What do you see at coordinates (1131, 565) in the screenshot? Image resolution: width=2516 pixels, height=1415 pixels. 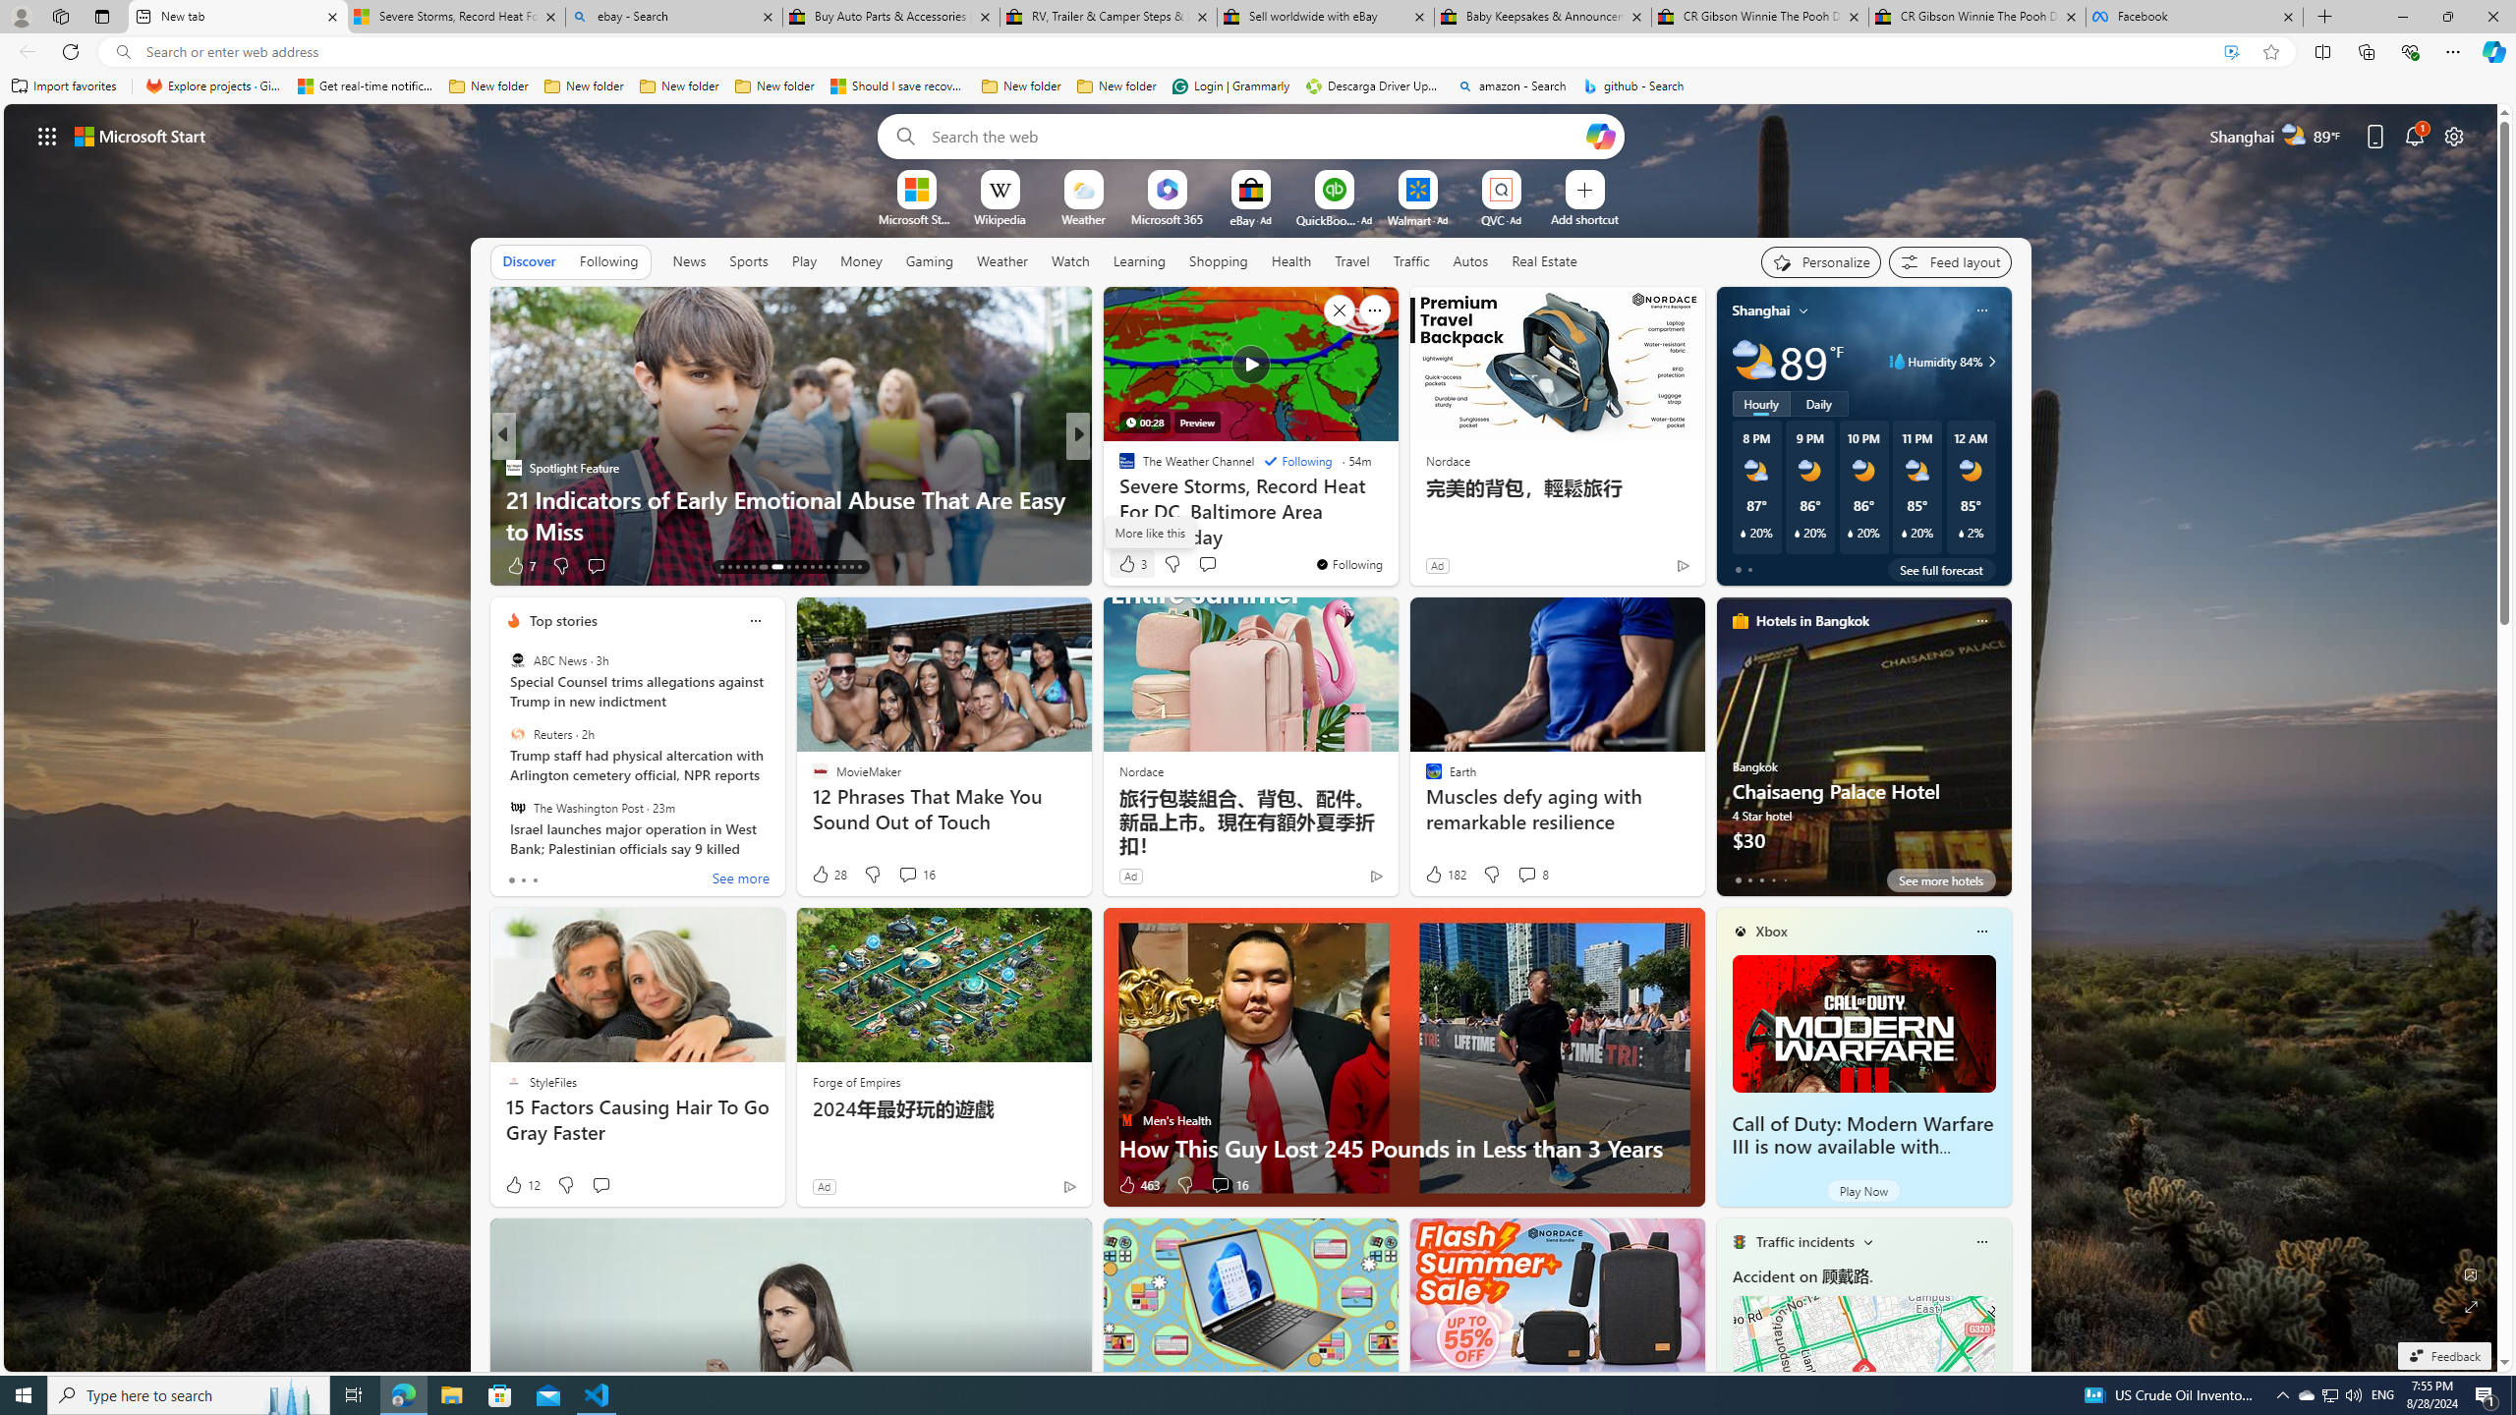 I see `'116 Like'` at bounding box center [1131, 565].